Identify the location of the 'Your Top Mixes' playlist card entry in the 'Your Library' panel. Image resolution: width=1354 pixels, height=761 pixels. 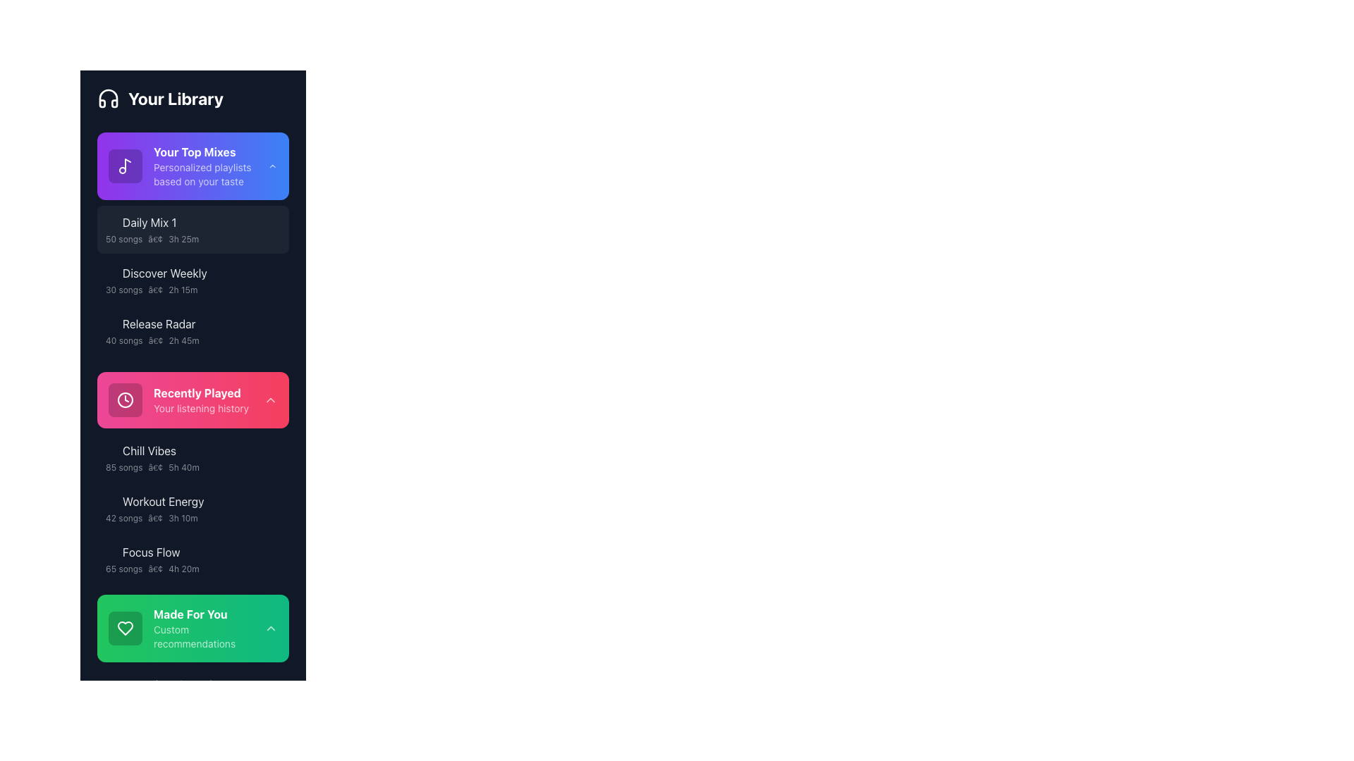
(188, 165).